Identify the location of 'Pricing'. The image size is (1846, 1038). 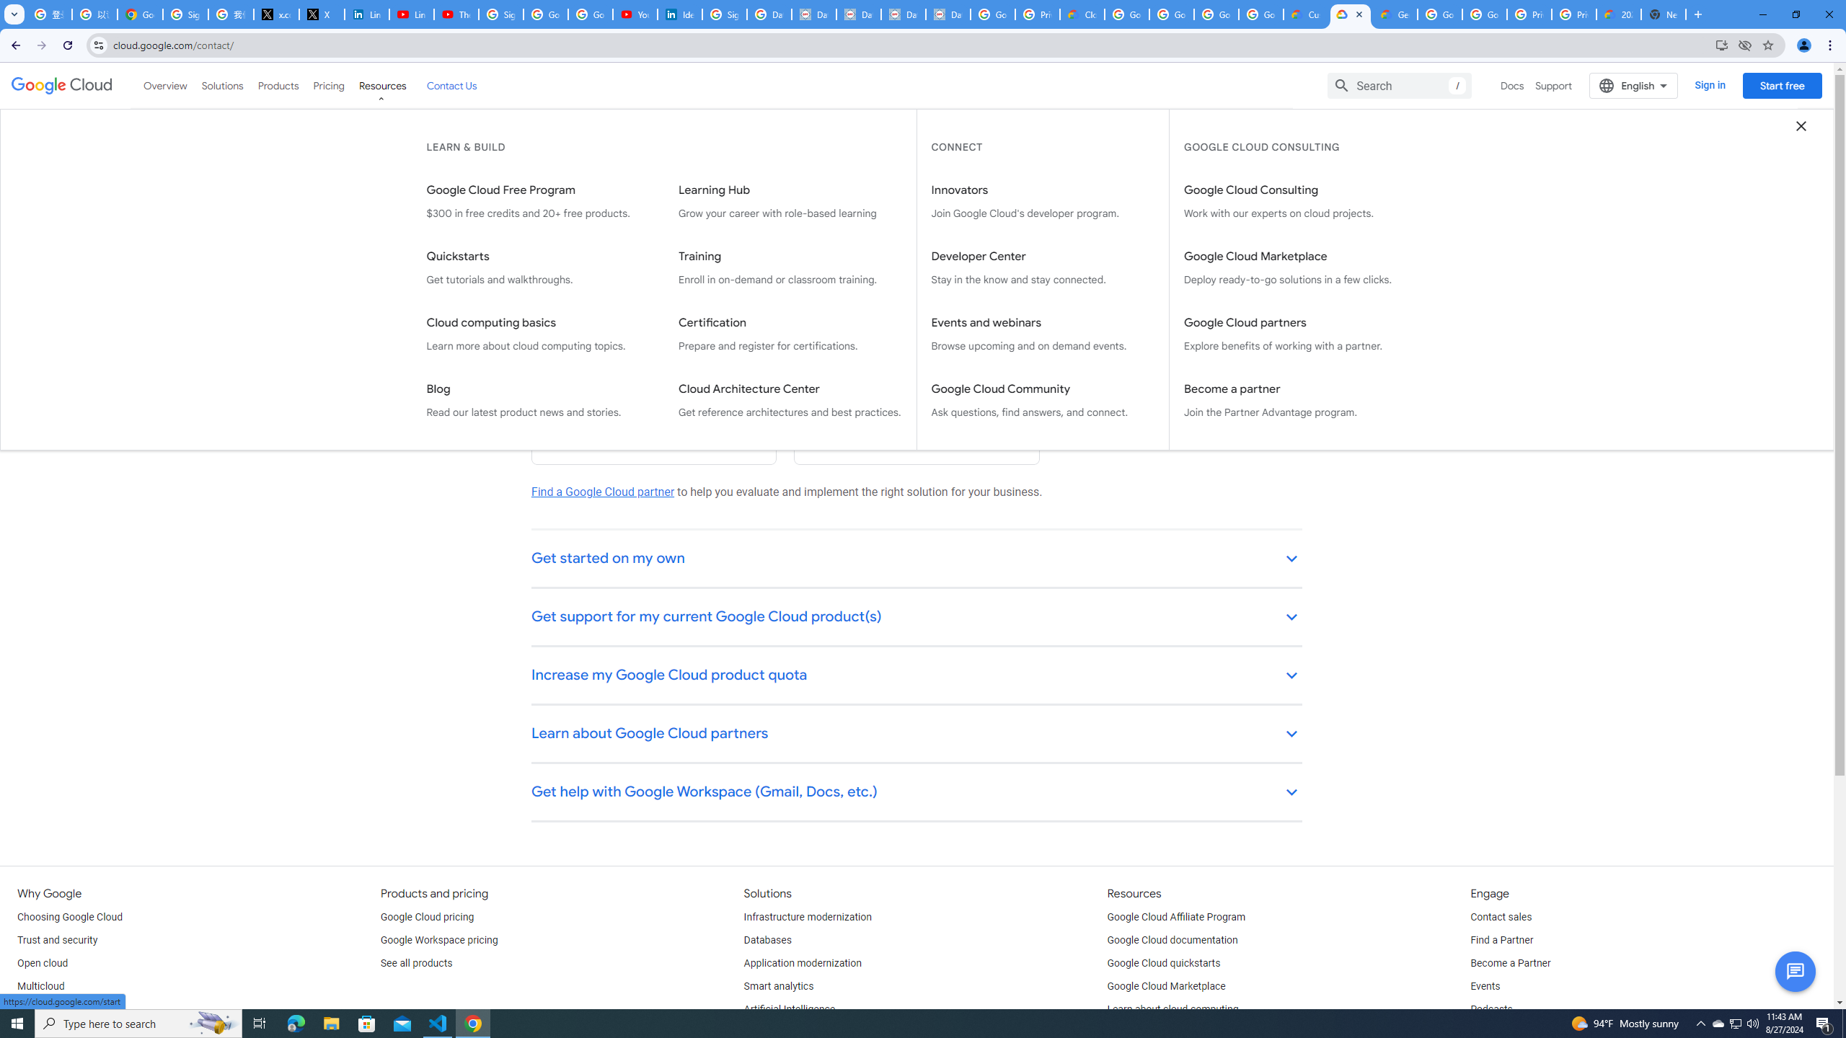
(329, 85).